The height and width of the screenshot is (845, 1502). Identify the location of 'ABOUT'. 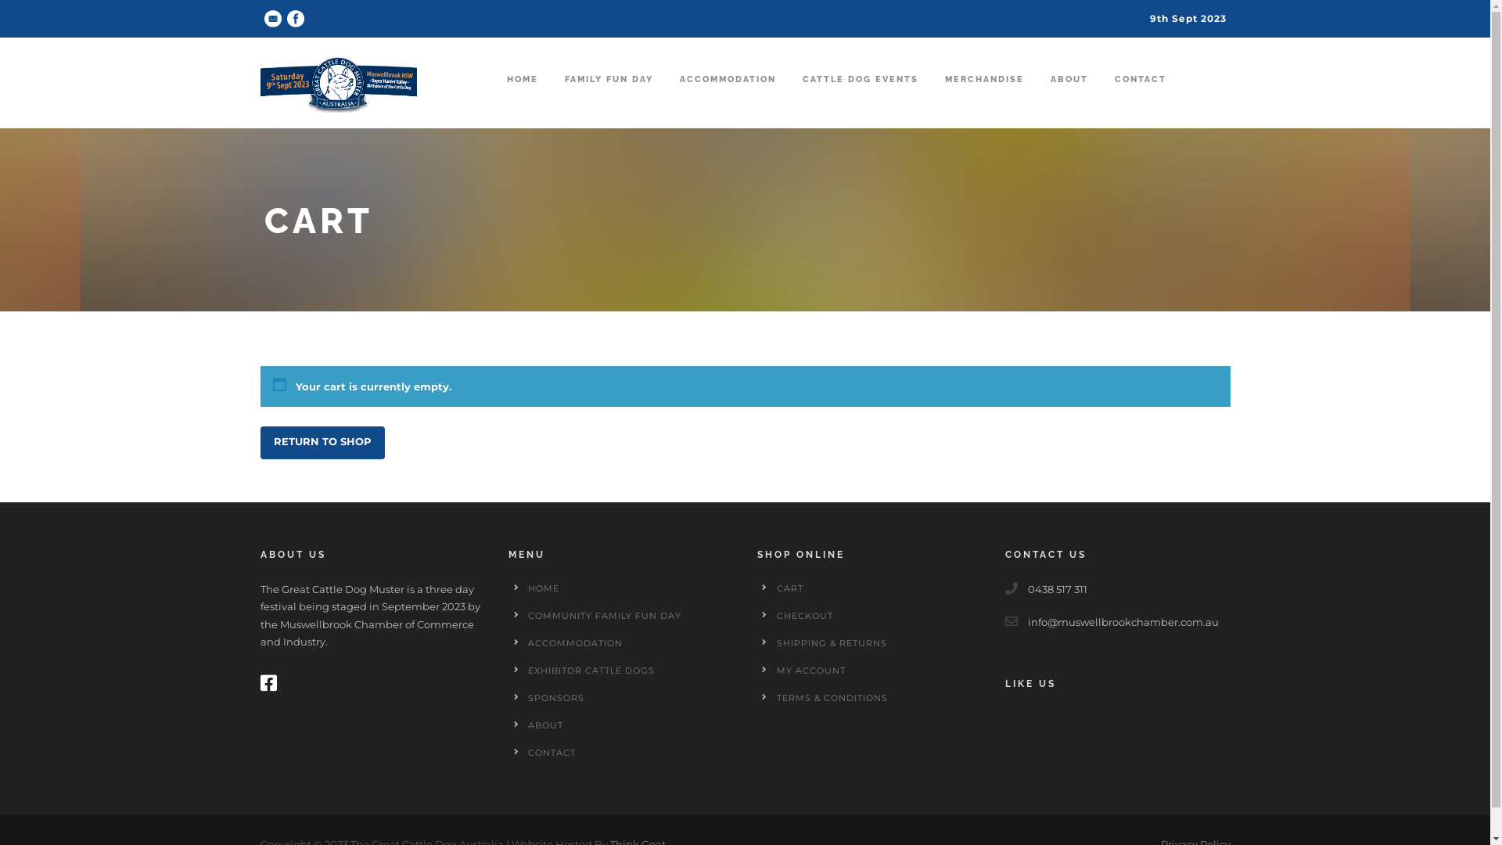
(1050, 95).